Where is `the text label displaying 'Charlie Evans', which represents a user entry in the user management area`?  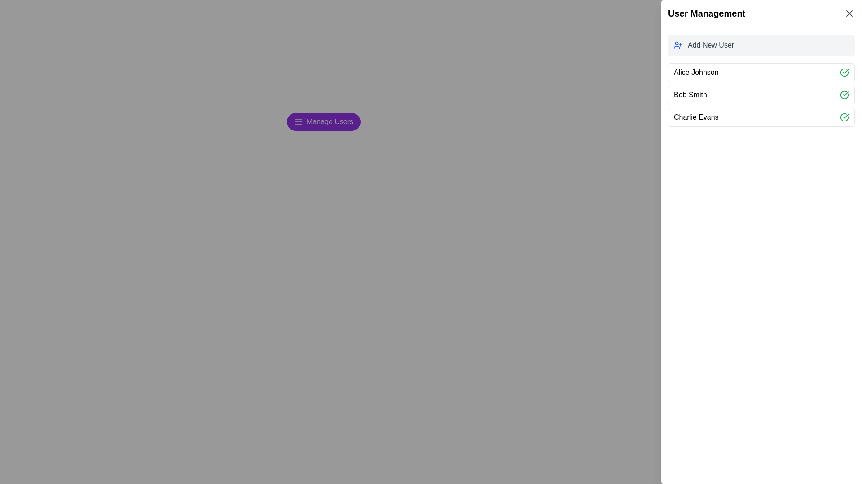 the text label displaying 'Charlie Evans', which represents a user entry in the user management area is located at coordinates (695, 117).